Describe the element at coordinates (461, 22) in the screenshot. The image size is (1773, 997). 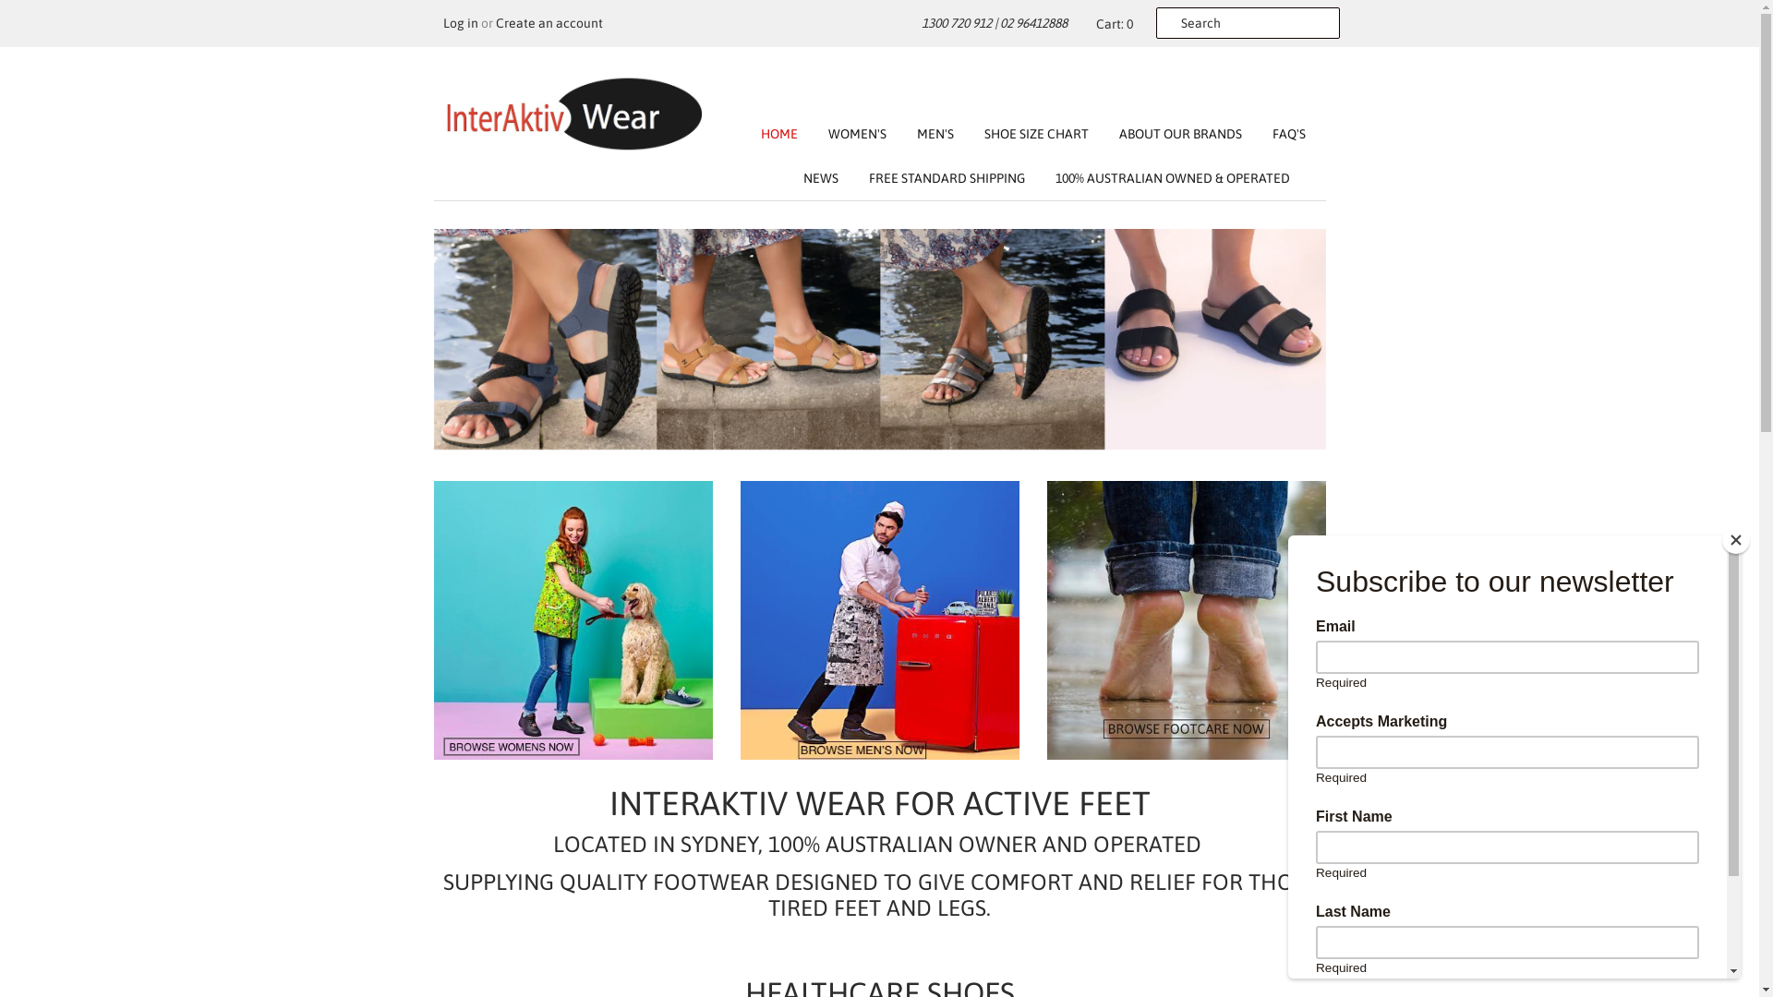
I see `'Log in'` at that location.